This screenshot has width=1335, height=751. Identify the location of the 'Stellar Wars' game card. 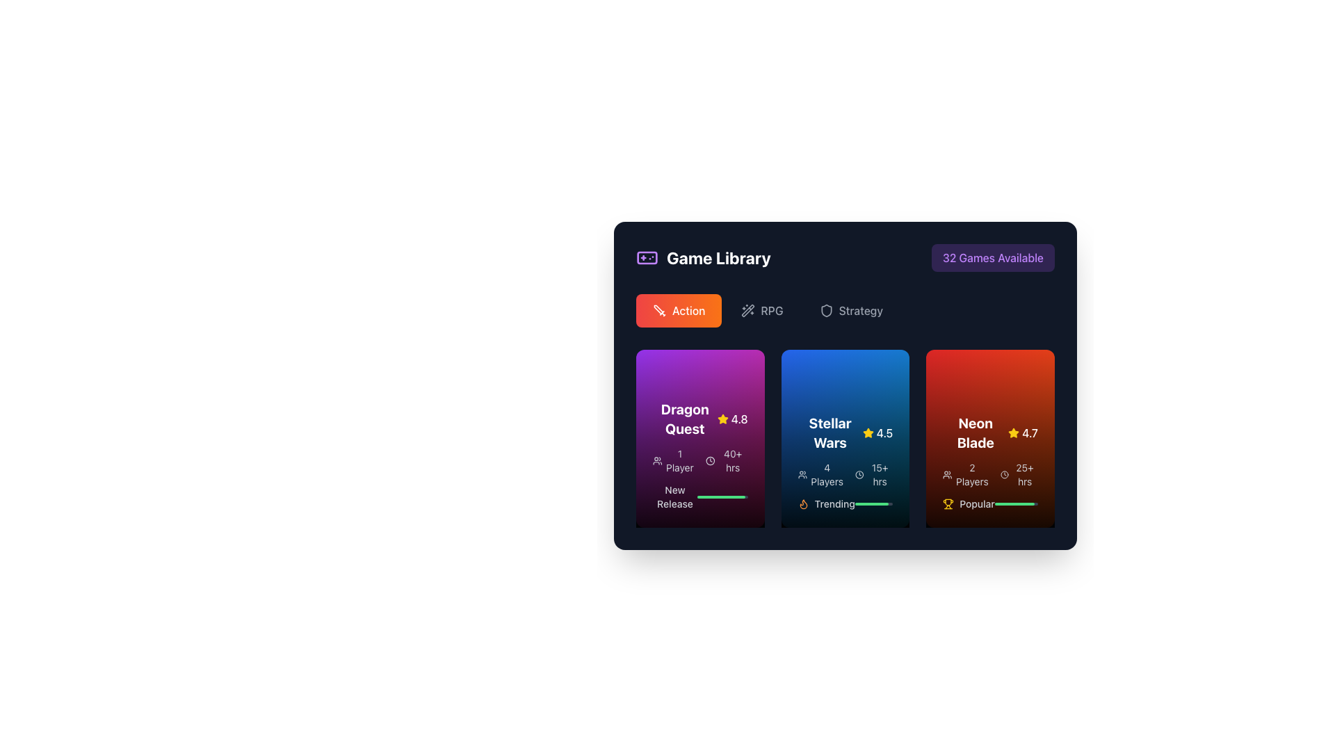
(844, 439).